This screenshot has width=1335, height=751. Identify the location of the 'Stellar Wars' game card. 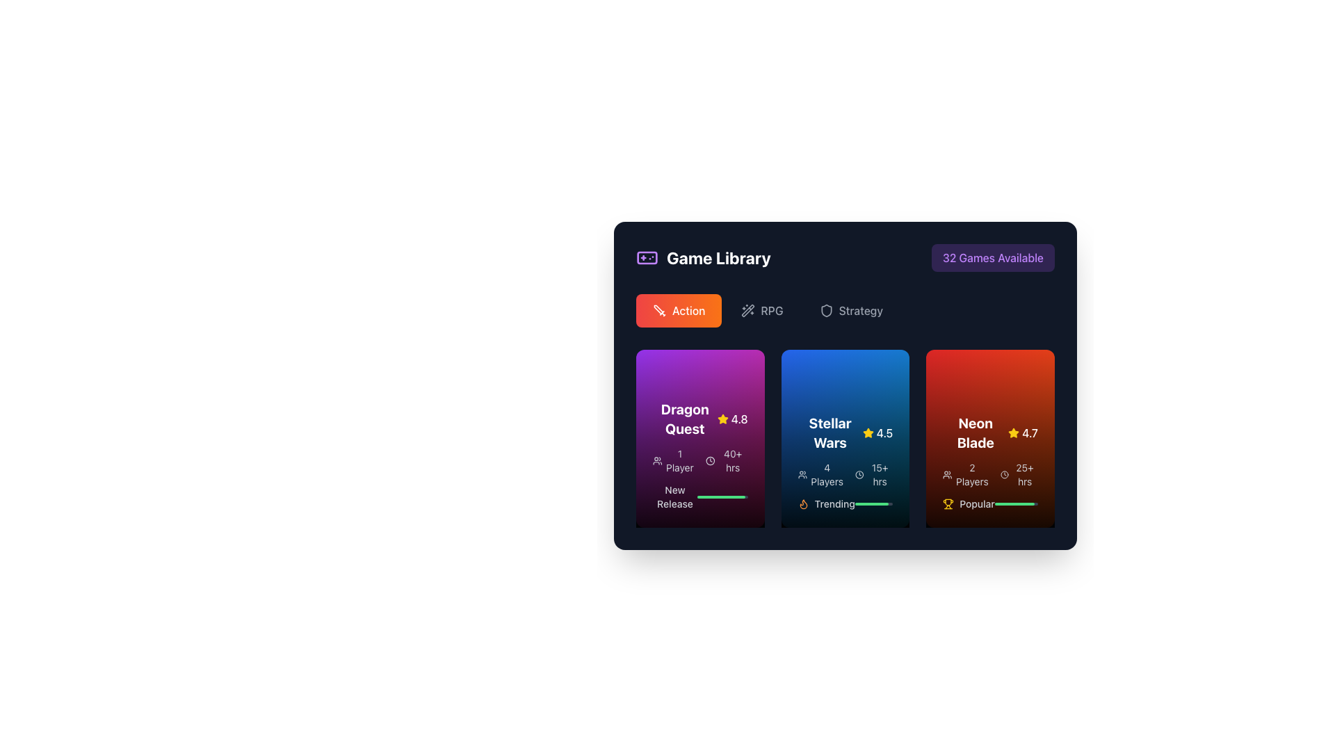
(844, 439).